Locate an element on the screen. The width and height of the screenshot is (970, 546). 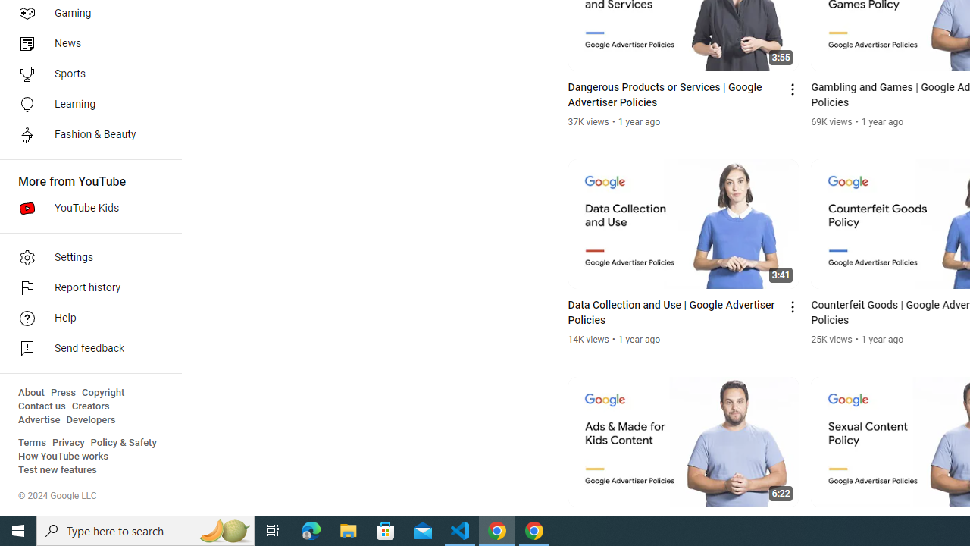
'Terms' is located at coordinates (32, 443).